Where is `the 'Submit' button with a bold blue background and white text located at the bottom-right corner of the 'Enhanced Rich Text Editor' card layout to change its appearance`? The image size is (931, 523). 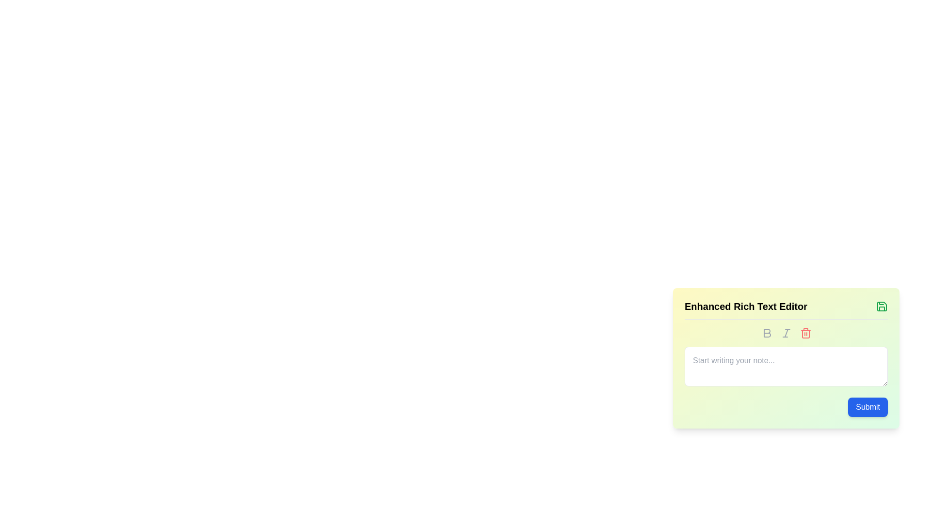
the 'Submit' button with a bold blue background and white text located at the bottom-right corner of the 'Enhanced Rich Text Editor' card layout to change its appearance is located at coordinates (868, 407).